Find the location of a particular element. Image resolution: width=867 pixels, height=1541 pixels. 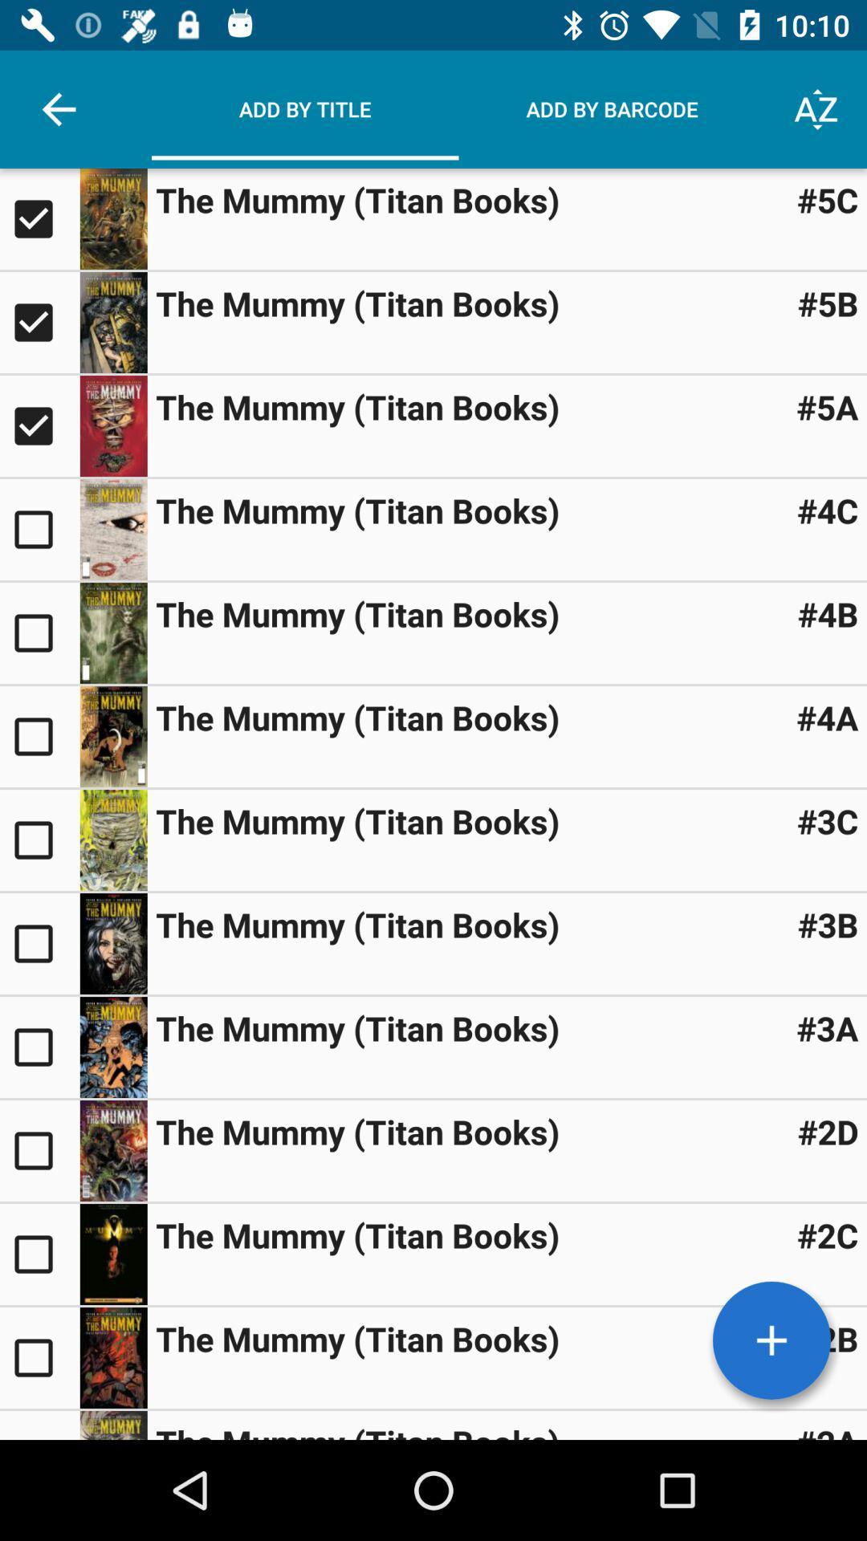

open book is located at coordinates (39, 839).